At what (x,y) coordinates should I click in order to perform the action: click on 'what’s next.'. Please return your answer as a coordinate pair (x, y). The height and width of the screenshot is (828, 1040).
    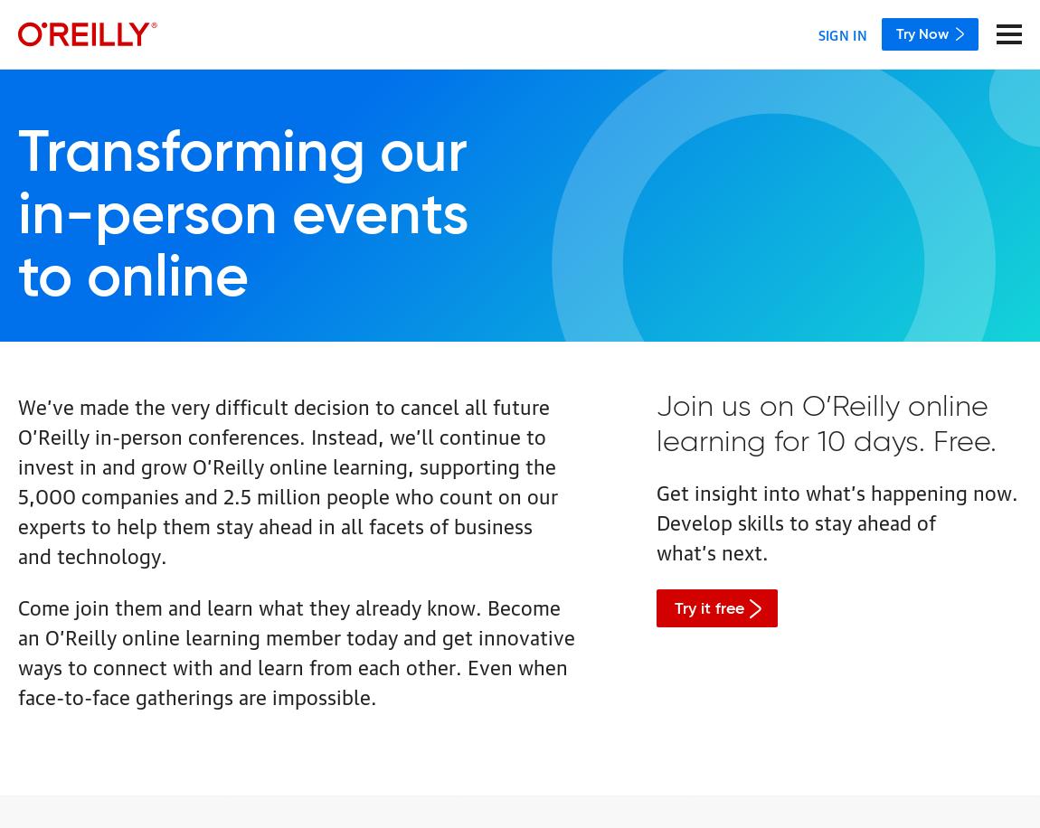
    Looking at the image, I should click on (711, 550).